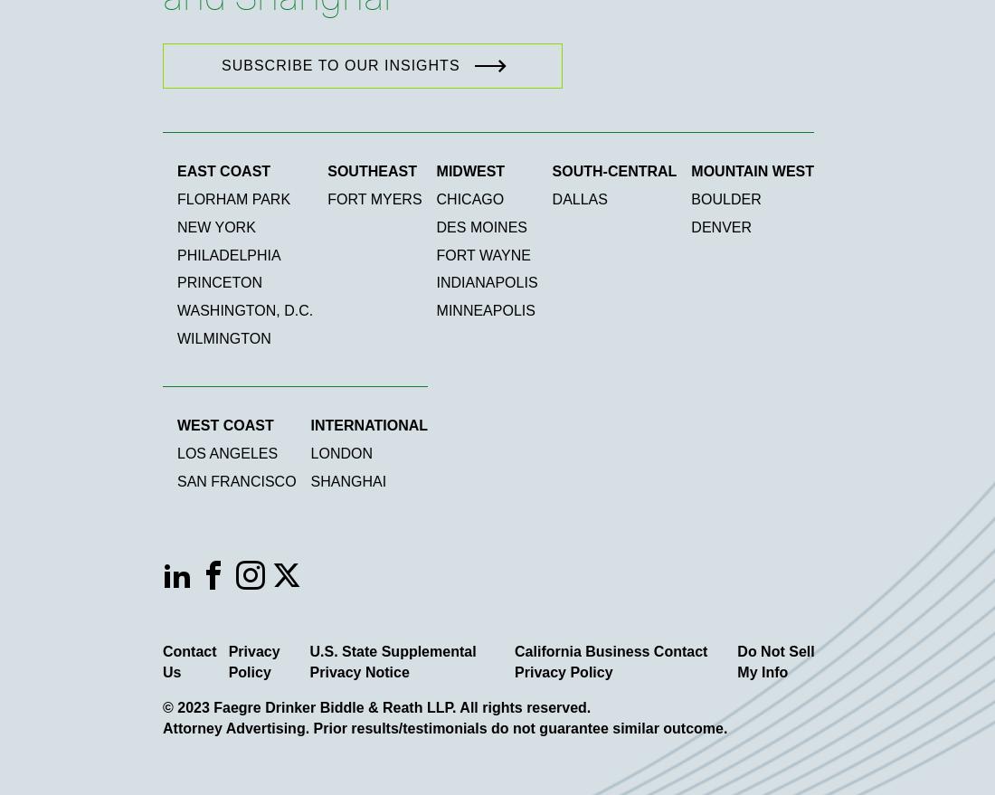 The width and height of the screenshot is (995, 795). I want to click on 'Southeast', so click(371, 170).